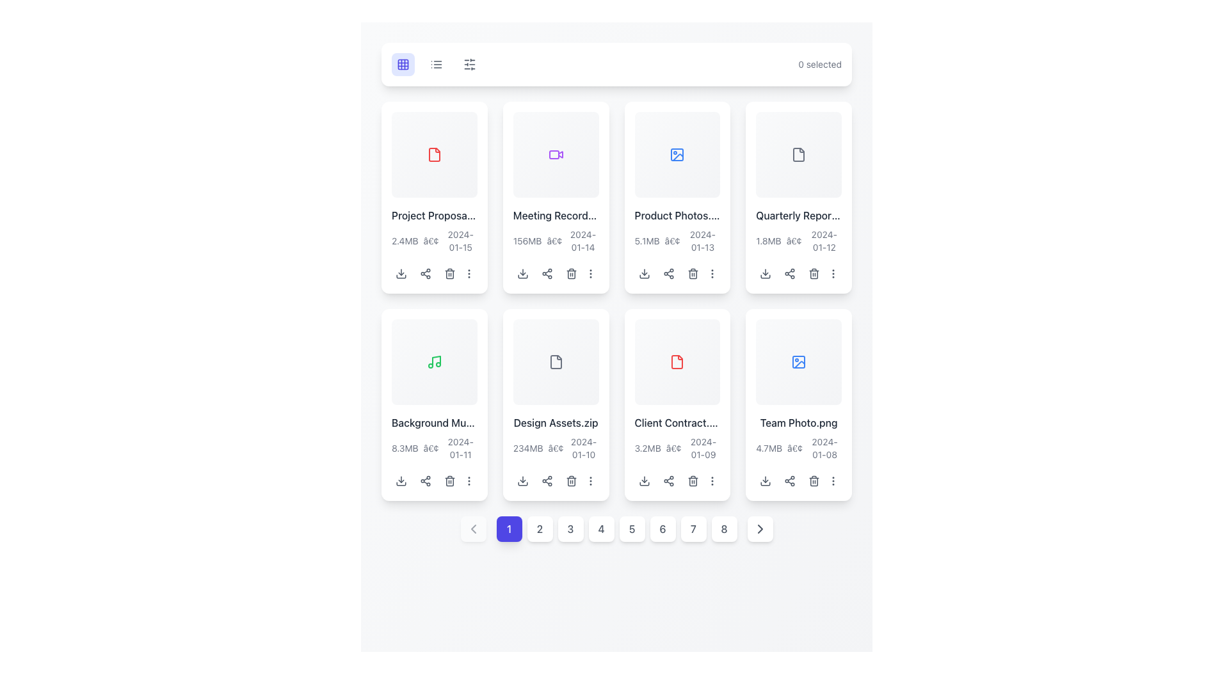 The width and height of the screenshot is (1229, 691). What do you see at coordinates (469, 481) in the screenshot?
I see `the ellipsis icon button located at the rightmost position in the row of buttons below the 'Background Music.mp3' card` at bounding box center [469, 481].